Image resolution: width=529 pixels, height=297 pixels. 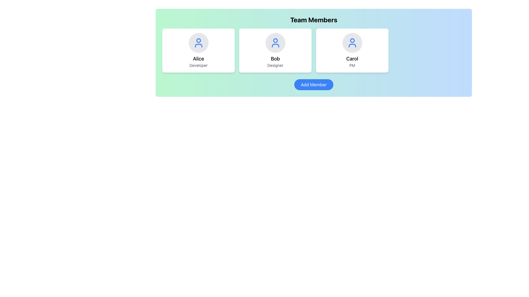 I want to click on the blue circular user icon representing the user avatar, located above the 'Bob Designer' card in the interface, so click(x=275, y=45).